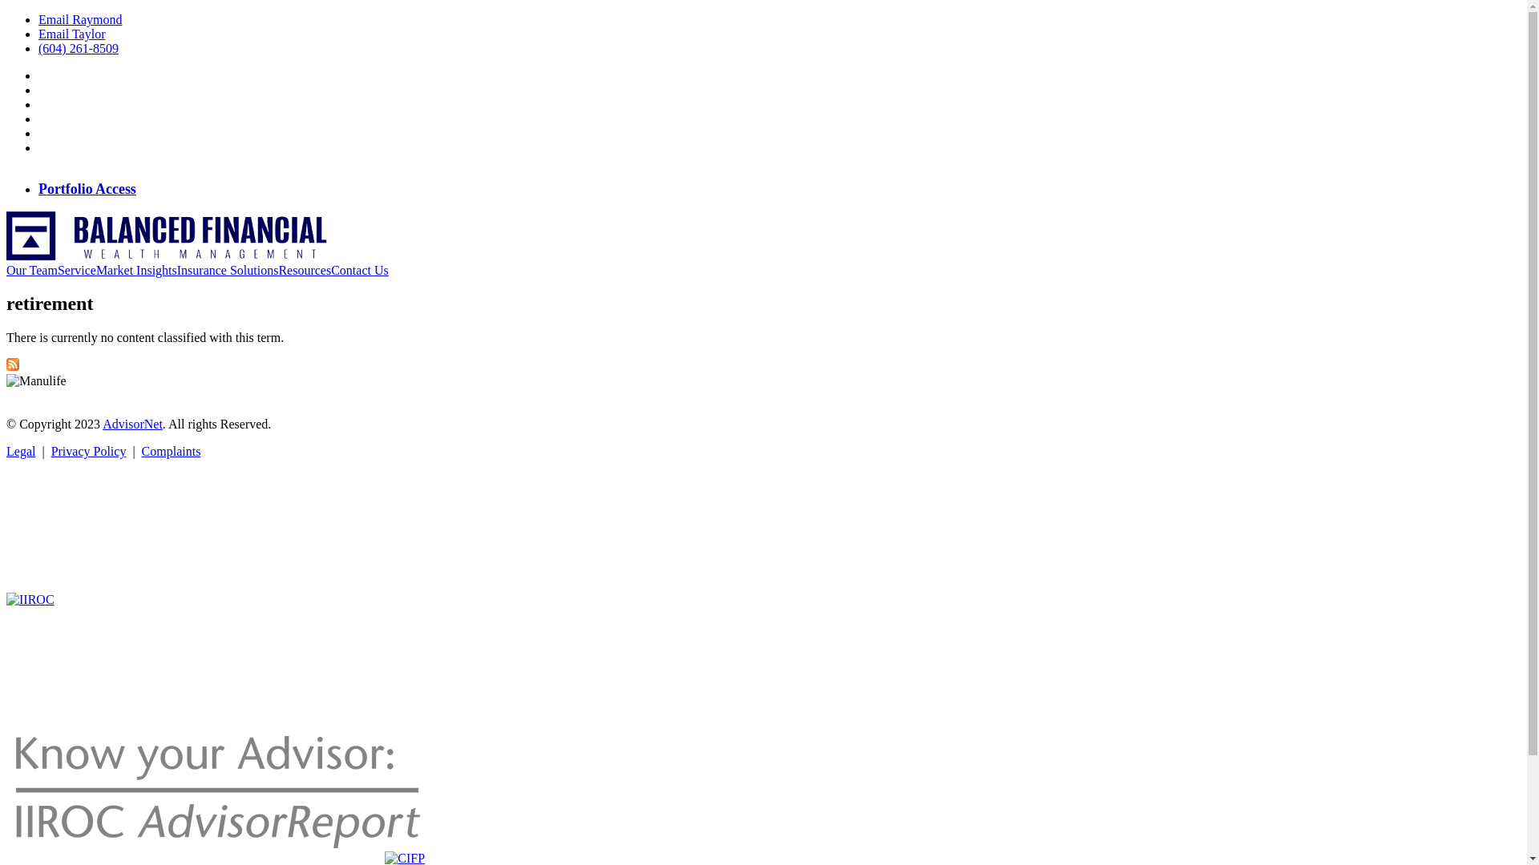 The width and height of the screenshot is (1539, 865). Describe the element at coordinates (359, 270) in the screenshot. I see `'Contact Us'` at that location.